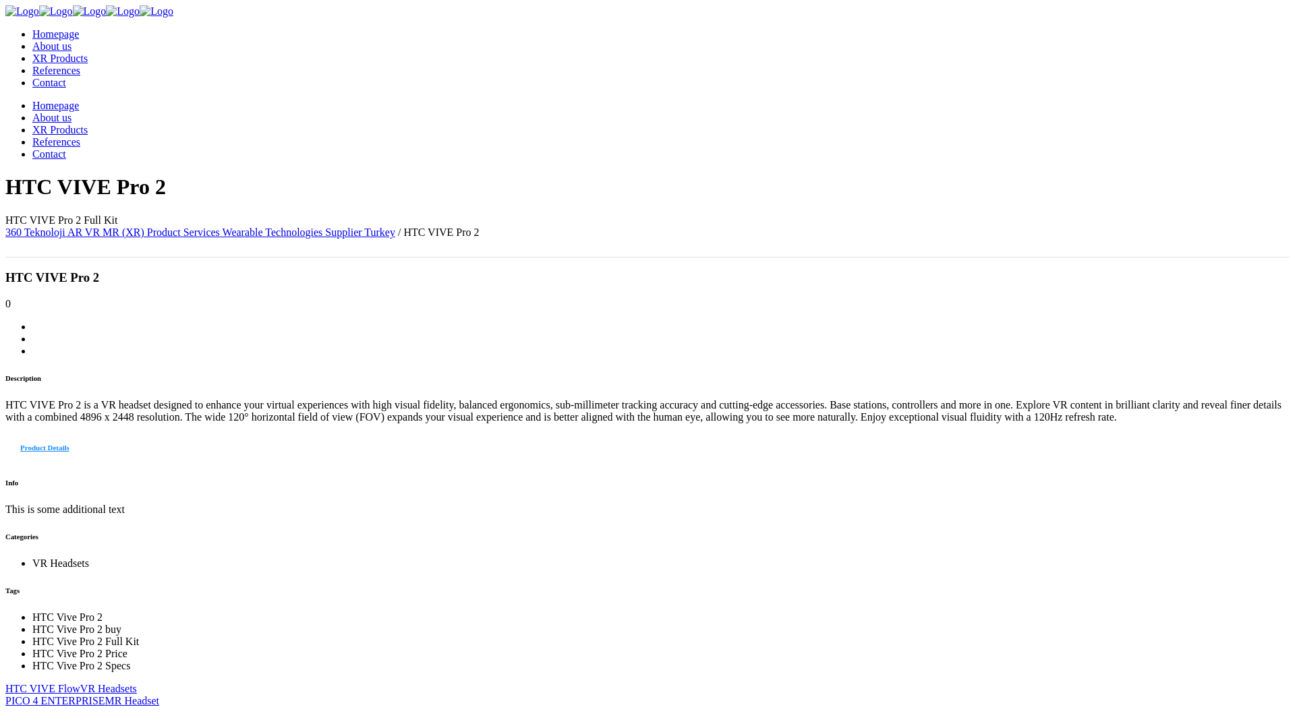 The image size is (1295, 728). Describe the element at coordinates (647, 689) in the screenshot. I see `'HTC VIVE FlowVR Headsets'` at that location.